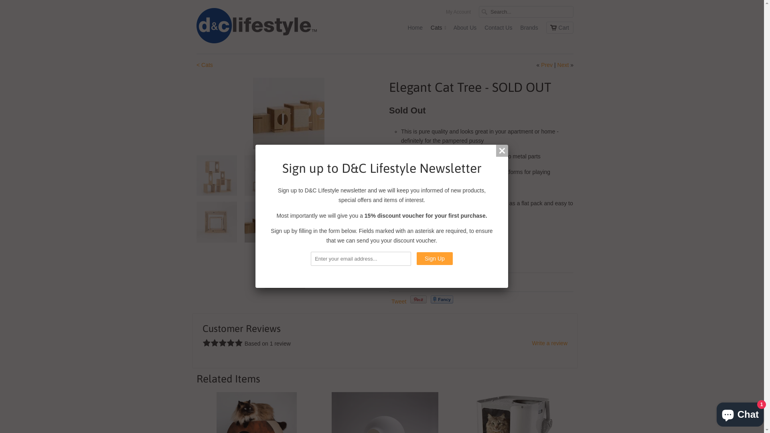  I want to click on 'D&C Lifestyle', so click(256, 26).